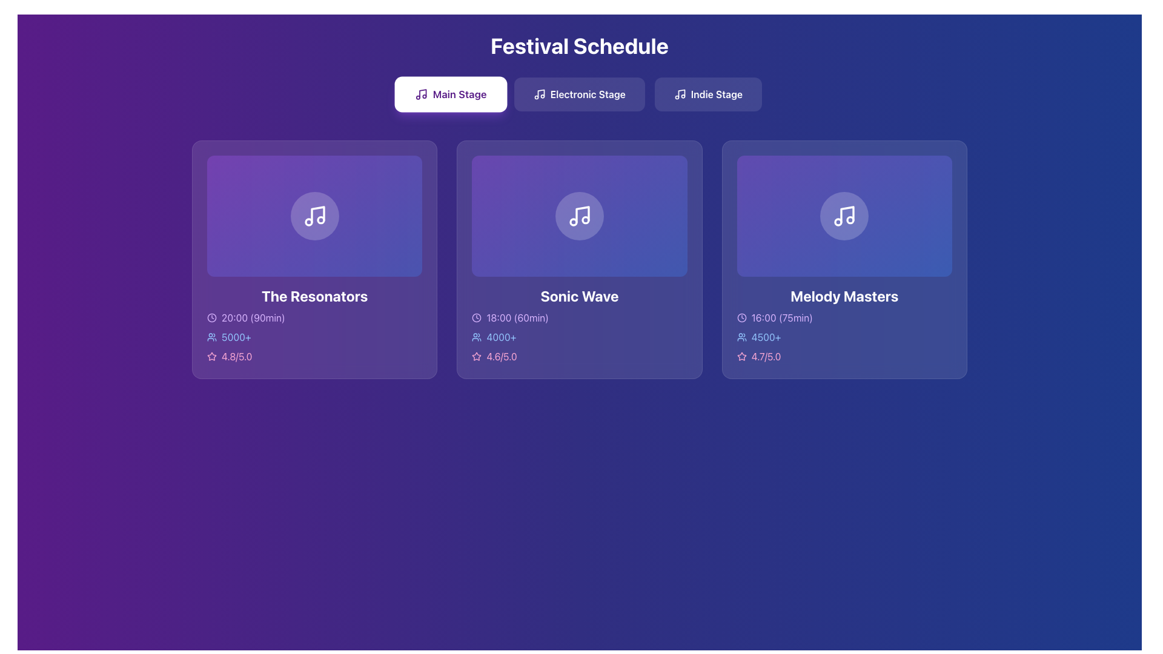 This screenshot has height=654, width=1163. What do you see at coordinates (314, 259) in the screenshot?
I see `the Informational Card displaying information about 'The Resonators', which is the first card in the horizontal layout of event cards in the 'Main Stage' category of the 'Festival Schedule'` at bounding box center [314, 259].